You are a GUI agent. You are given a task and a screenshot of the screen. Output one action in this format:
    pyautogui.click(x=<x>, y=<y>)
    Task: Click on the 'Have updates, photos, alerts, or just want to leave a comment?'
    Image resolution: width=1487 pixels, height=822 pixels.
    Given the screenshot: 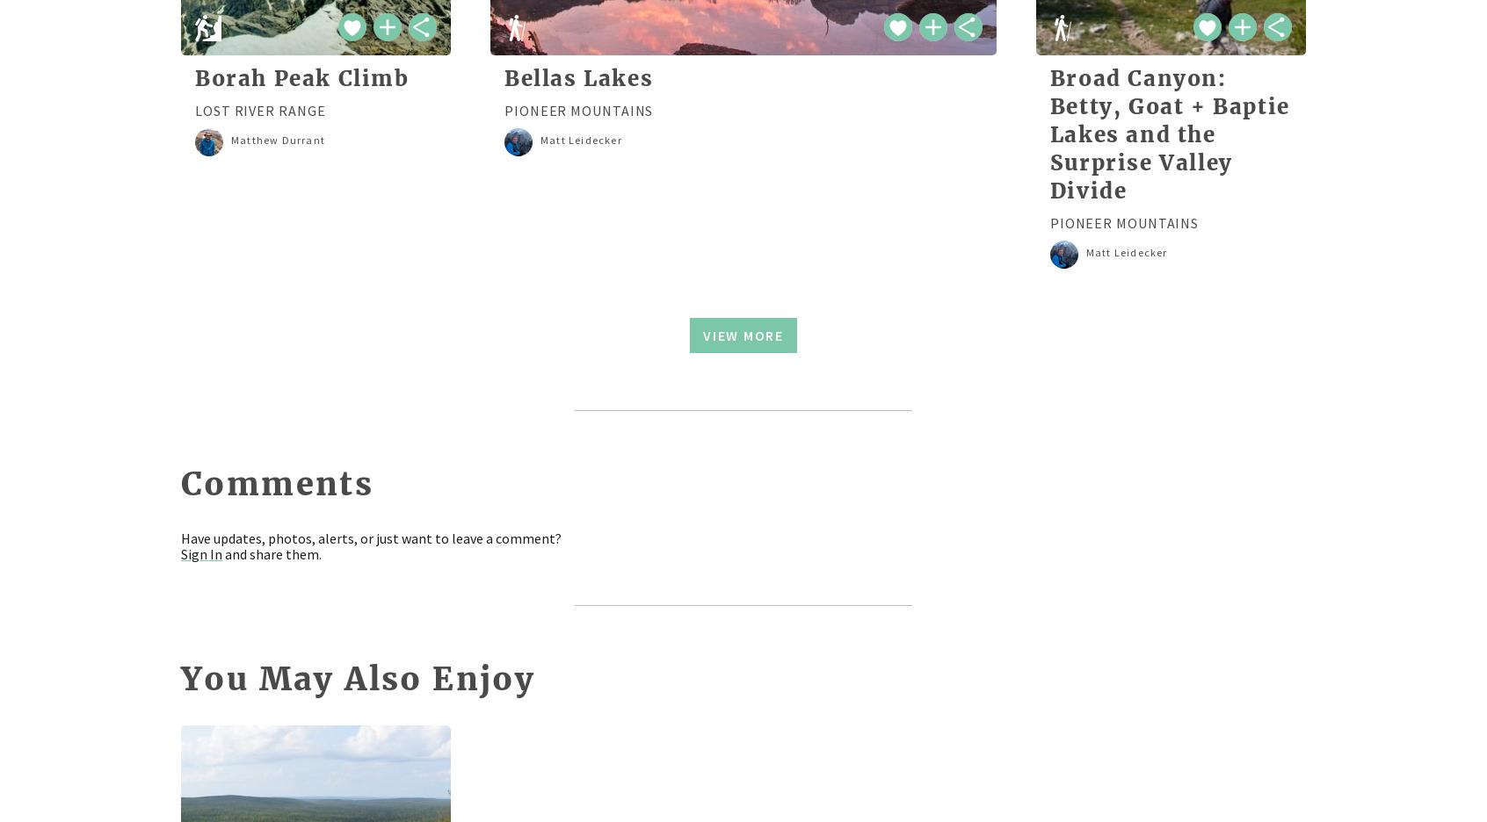 What is the action you would take?
    pyautogui.click(x=179, y=537)
    